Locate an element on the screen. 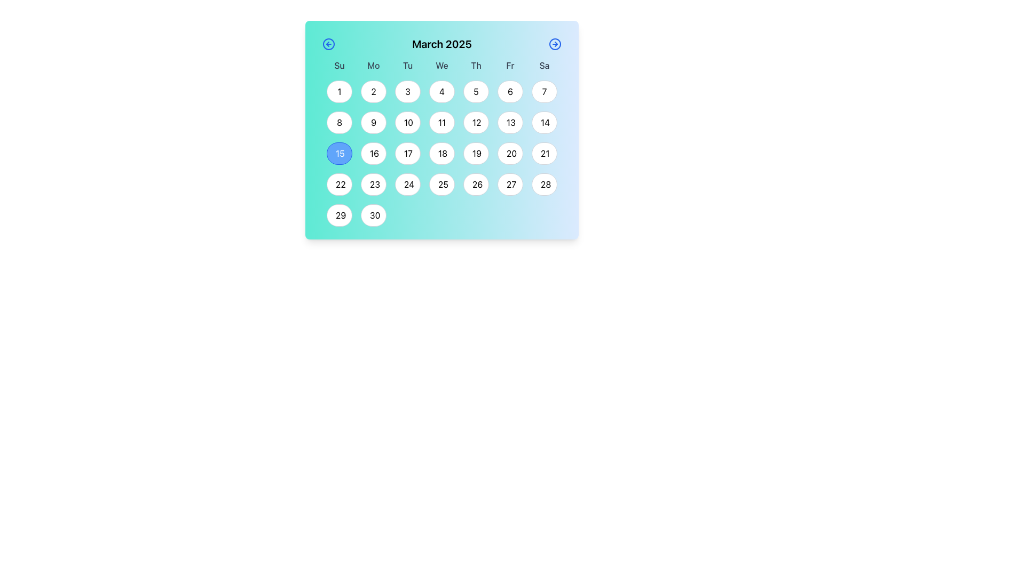 The height and width of the screenshot is (576, 1025). the date selector button located in the calendar grid at the coordinates corresponding to the 12th day of the month, specifically in the second week and Thursday column is located at coordinates (476, 122).